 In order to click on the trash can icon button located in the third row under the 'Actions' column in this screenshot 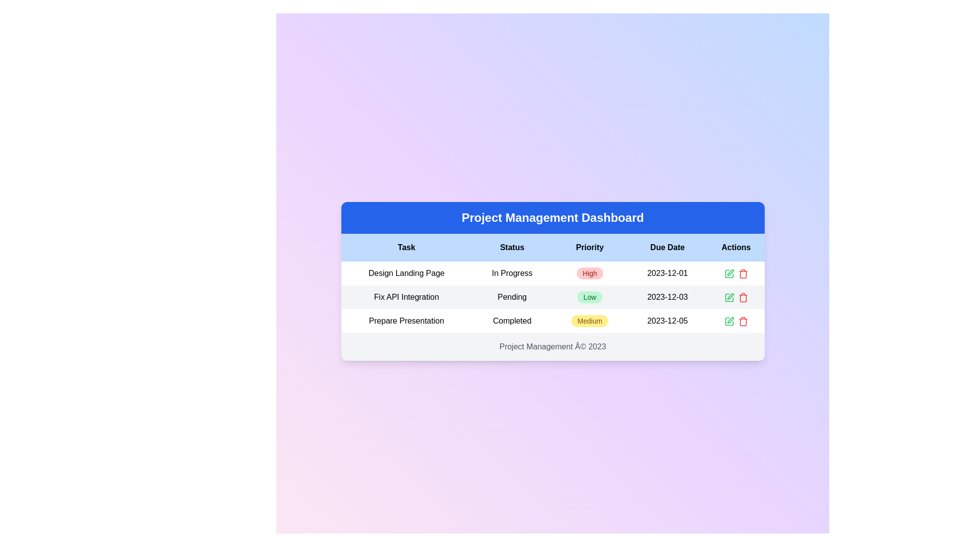, I will do `click(743, 321)`.